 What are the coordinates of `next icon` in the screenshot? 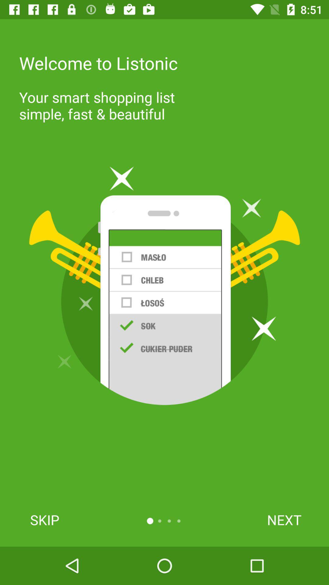 It's located at (284, 519).